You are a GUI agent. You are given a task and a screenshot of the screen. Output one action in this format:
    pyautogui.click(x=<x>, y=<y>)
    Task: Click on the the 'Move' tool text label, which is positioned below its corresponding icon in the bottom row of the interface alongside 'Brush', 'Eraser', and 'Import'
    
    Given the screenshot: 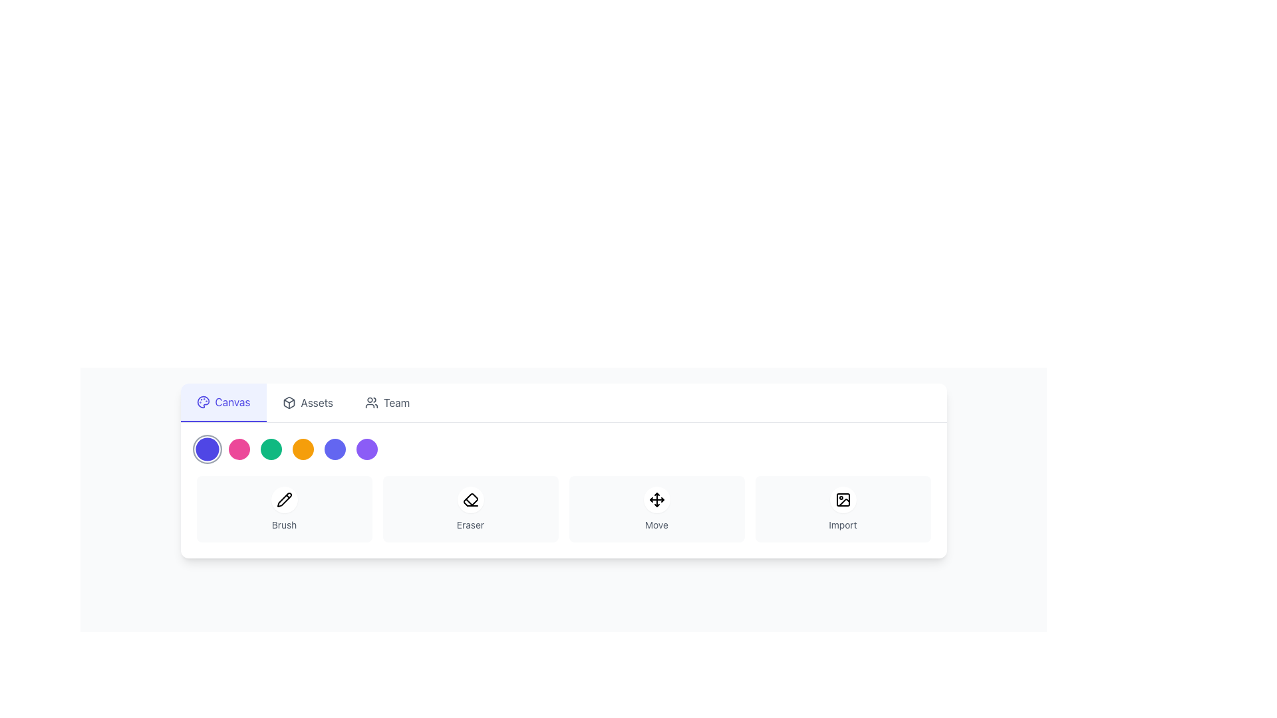 What is the action you would take?
    pyautogui.click(x=656, y=525)
    